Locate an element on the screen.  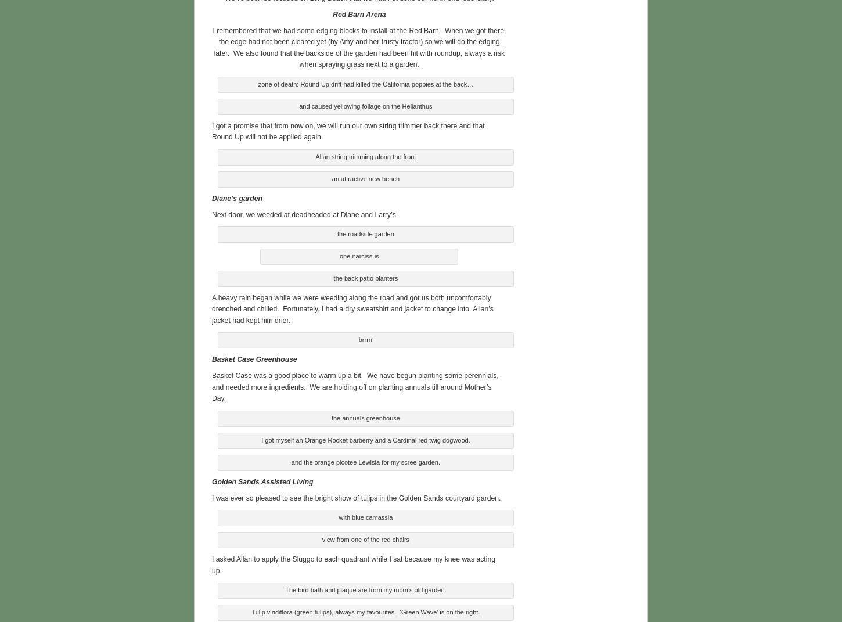
'the back patio planters' is located at coordinates (365, 275).